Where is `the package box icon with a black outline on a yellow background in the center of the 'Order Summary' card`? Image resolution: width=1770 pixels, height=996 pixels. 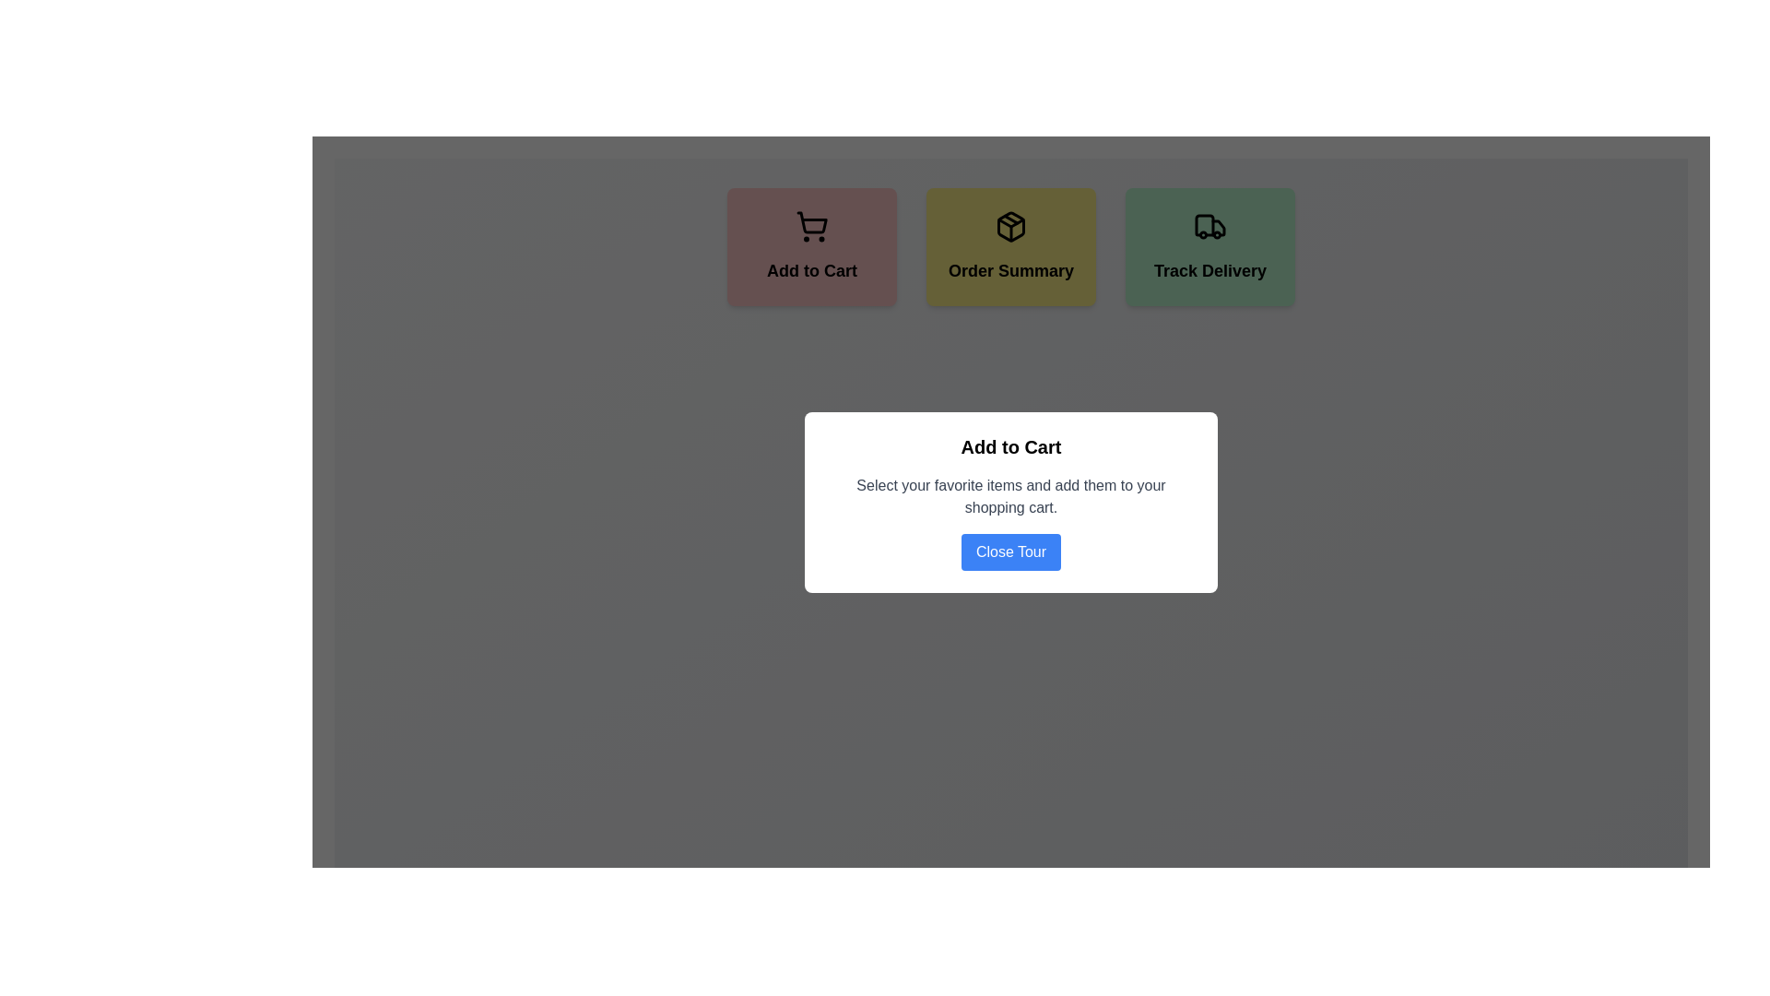 the package box icon with a black outline on a yellow background in the center of the 'Order Summary' card is located at coordinates (1010, 226).